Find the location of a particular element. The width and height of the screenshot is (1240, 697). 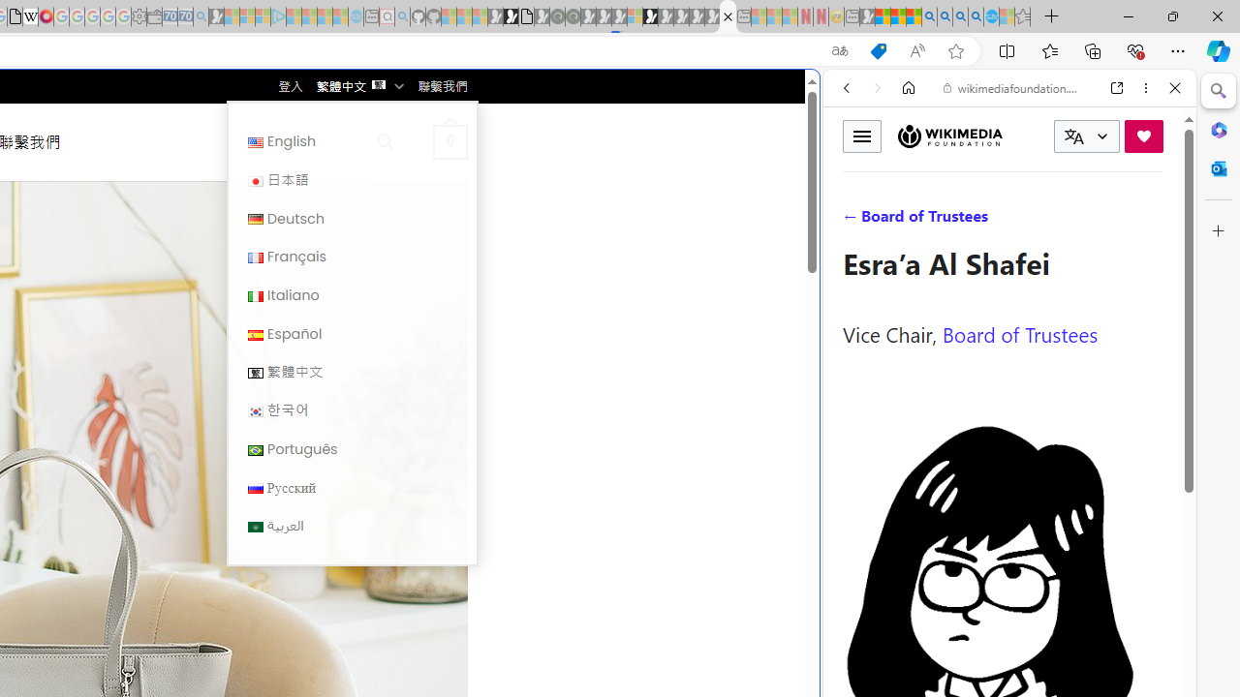

'Deutsch Deutsch' is located at coordinates (352, 218).